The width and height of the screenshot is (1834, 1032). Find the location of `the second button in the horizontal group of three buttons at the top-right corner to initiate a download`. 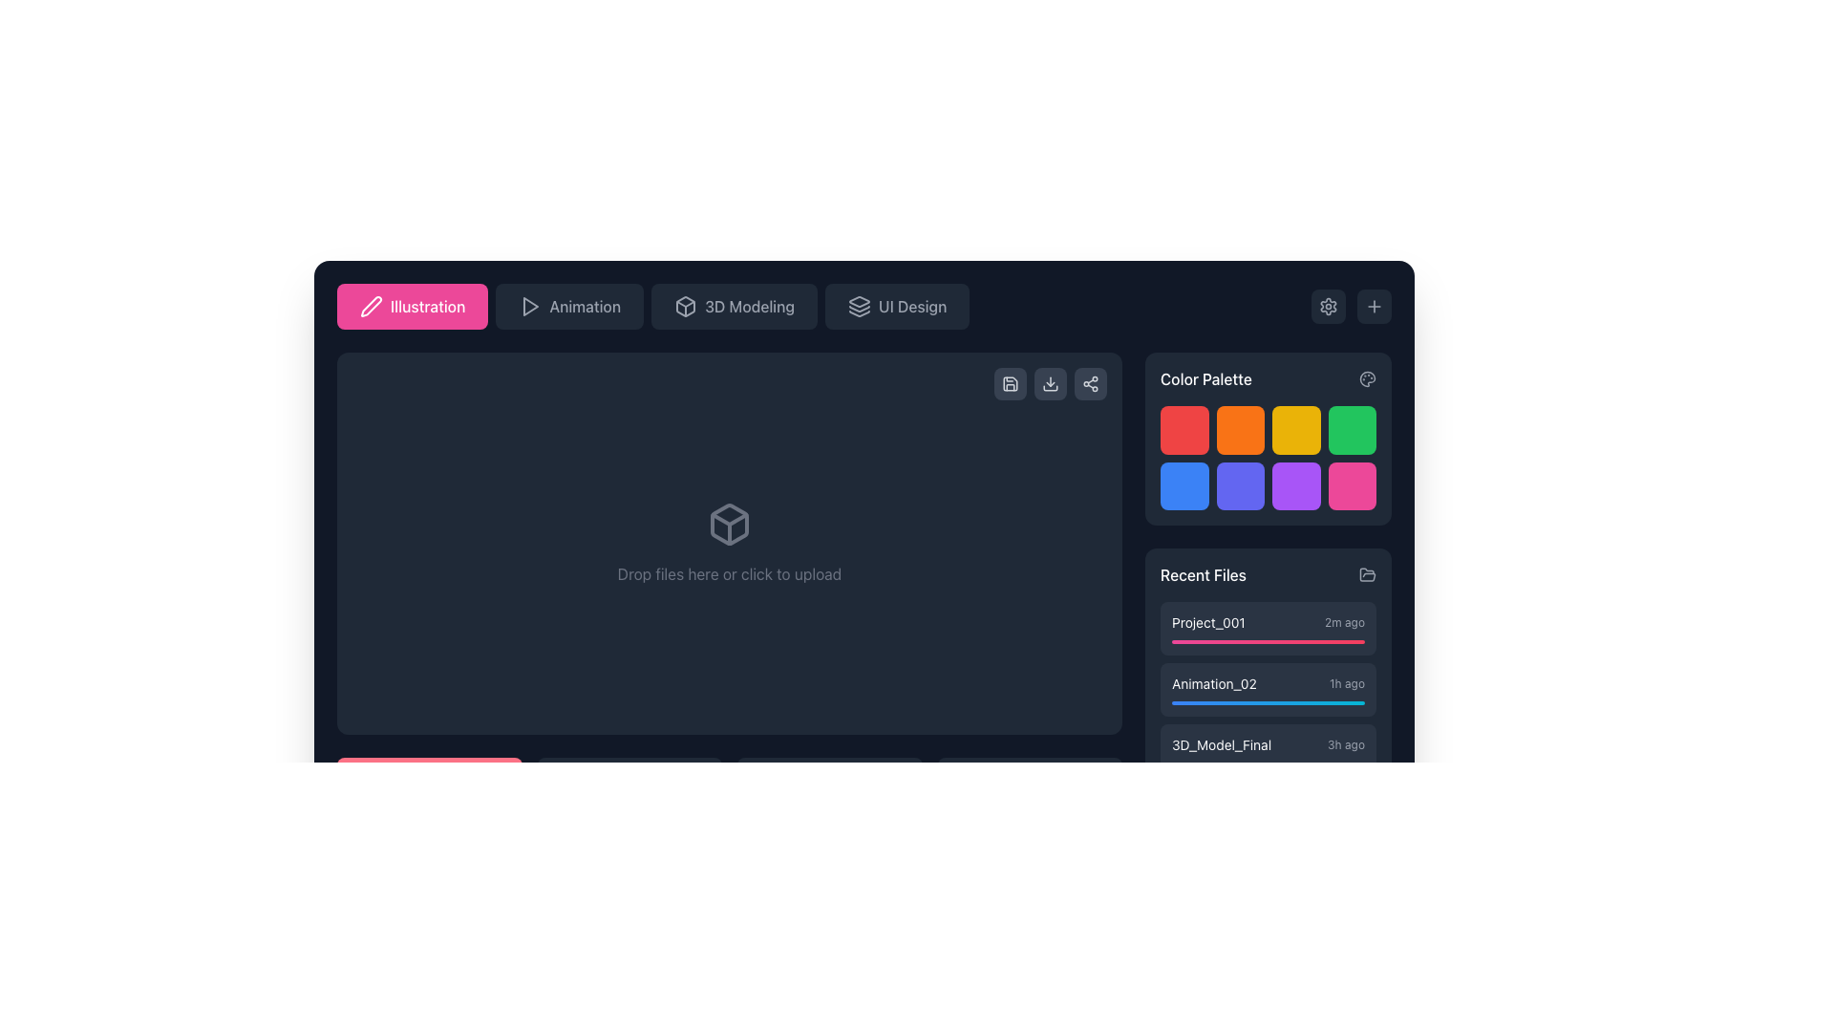

the second button in the horizontal group of three buttons at the top-right corner to initiate a download is located at coordinates (1049, 383).